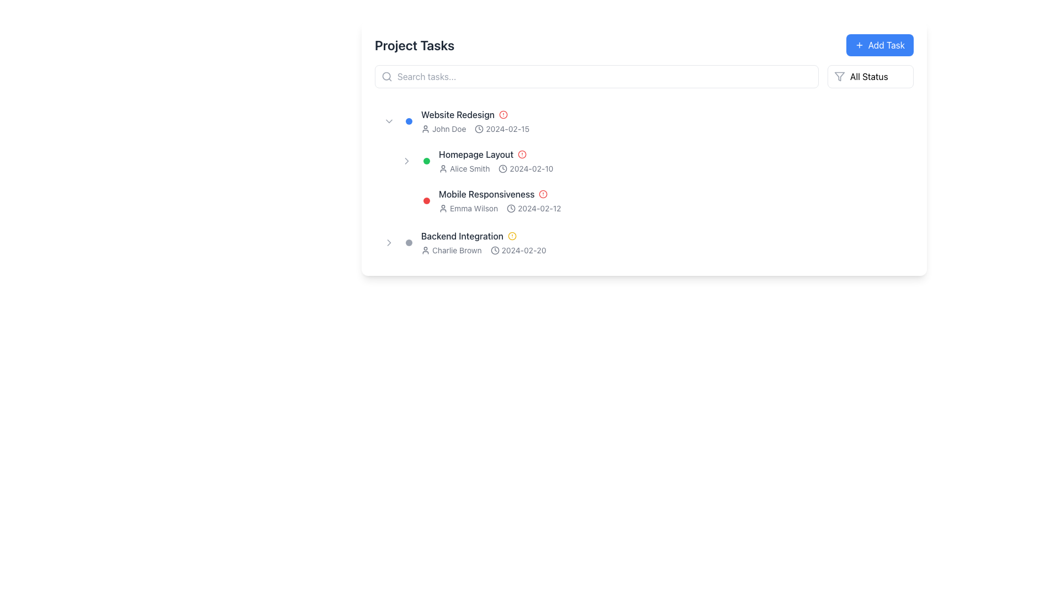 The image size is (1060, 596). Describe the element at coordinates (389, 121) in the screenshot. I see `the dropdown toggle icon located in the top-left portion of the task list area` at that location.